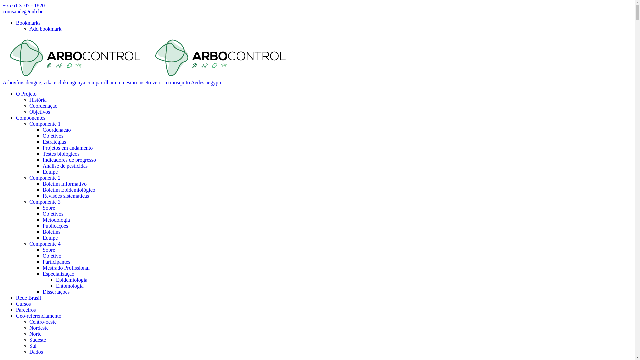 The width and height of the screenshot is (640, 360). I want to click on 'O Projeto', so click(26, 94).